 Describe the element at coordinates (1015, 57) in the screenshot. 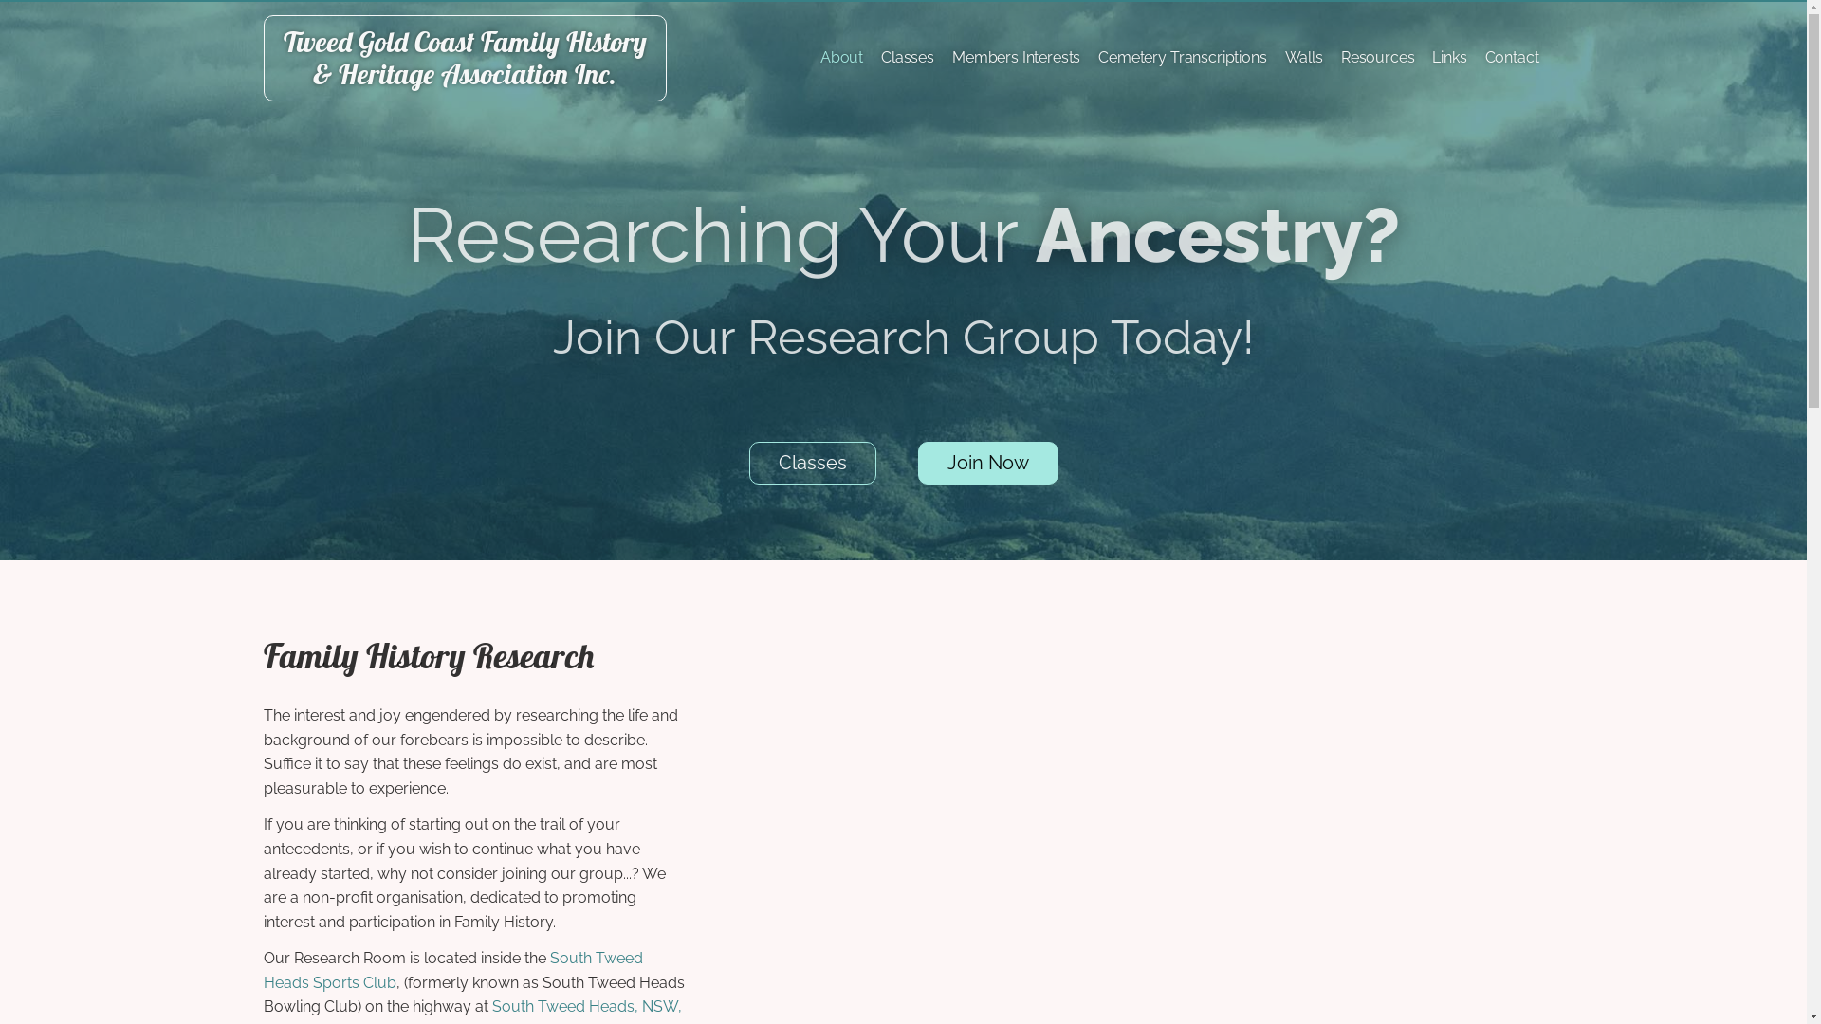

I see `'Members Interests'` at that location.